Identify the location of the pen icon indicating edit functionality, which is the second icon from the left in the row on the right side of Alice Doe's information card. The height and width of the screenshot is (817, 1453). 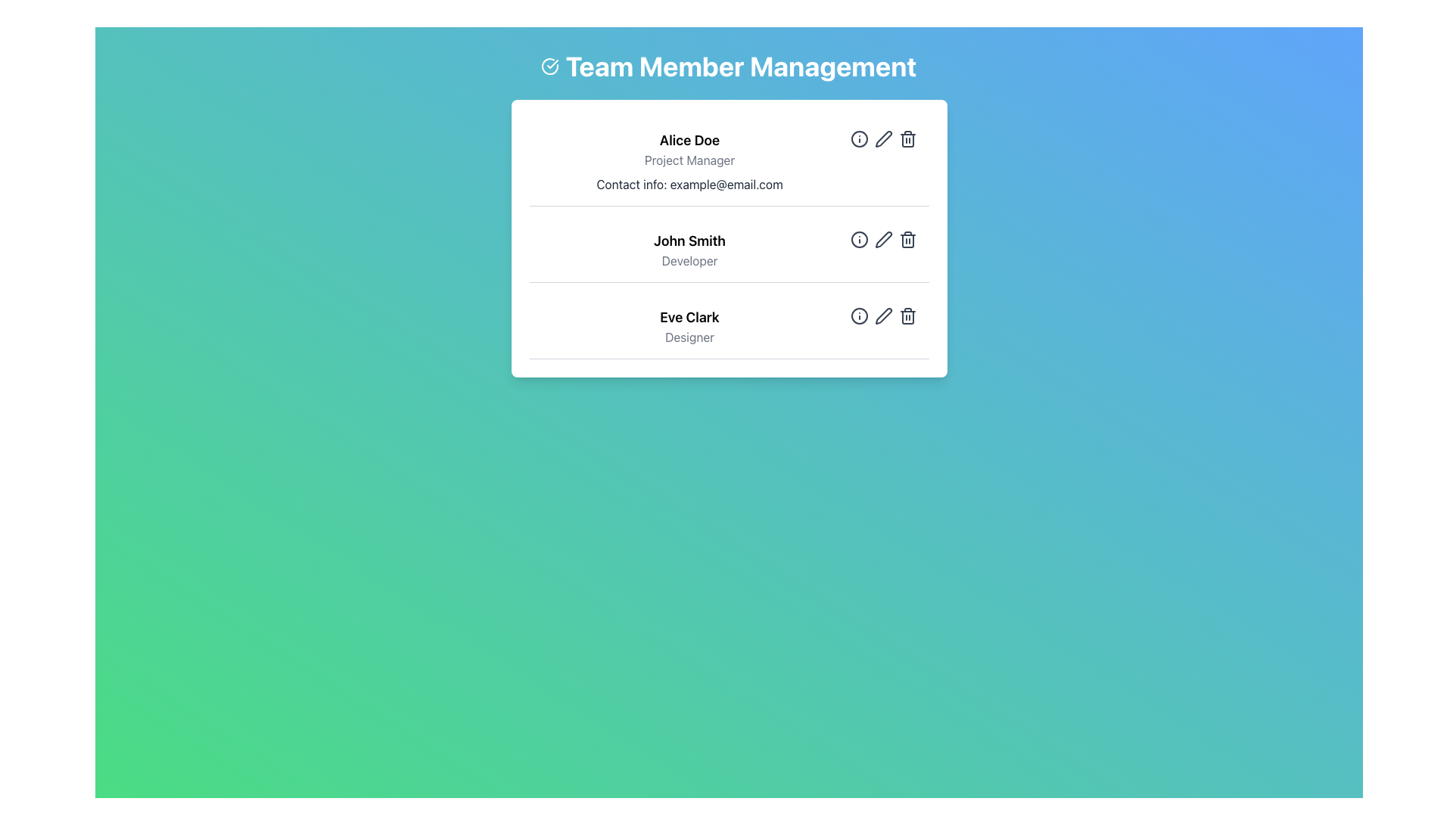
(883, 139).